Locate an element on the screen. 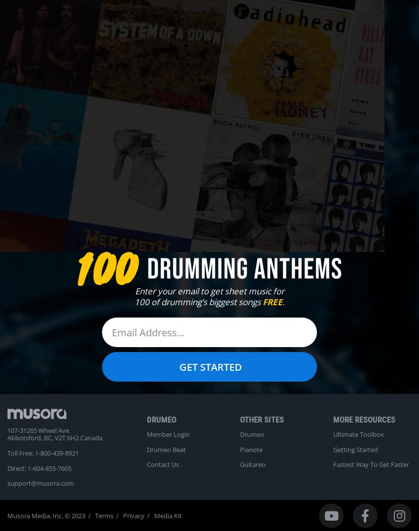 This screenshot has width=419, height=531. 'More Resources' is located at coordinates (364, 419).